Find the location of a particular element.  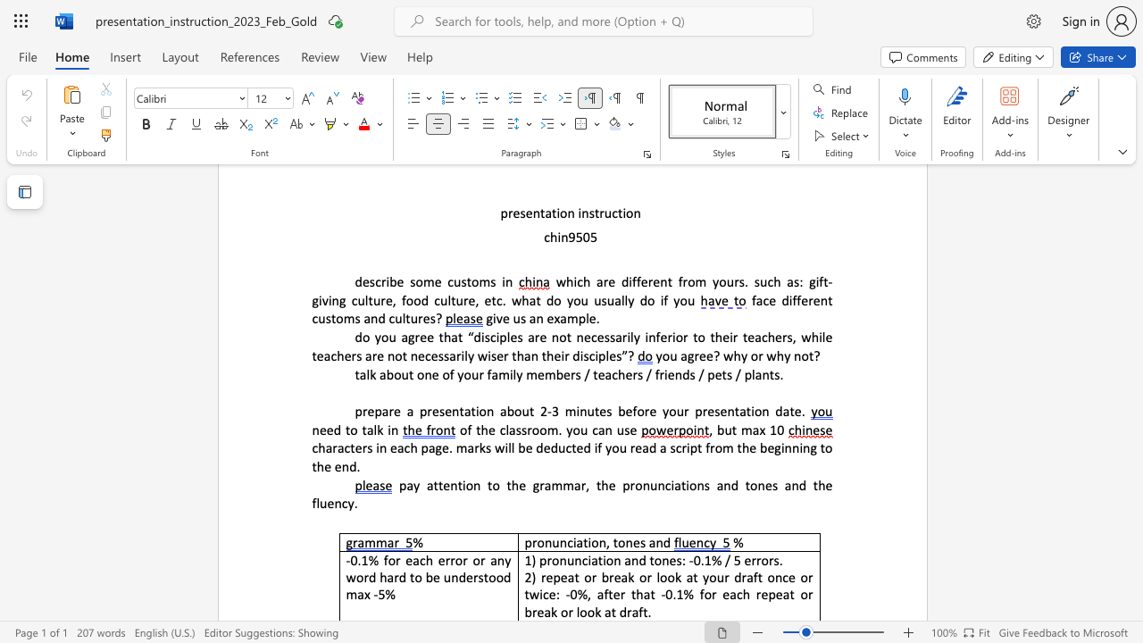

the subset text "or break or look at draf" within the text "2) repeat or break or look at your draft once or twice: -0%, after that -0.1% for each repeat or break or look at draft." is located at coordinates (799, 594).